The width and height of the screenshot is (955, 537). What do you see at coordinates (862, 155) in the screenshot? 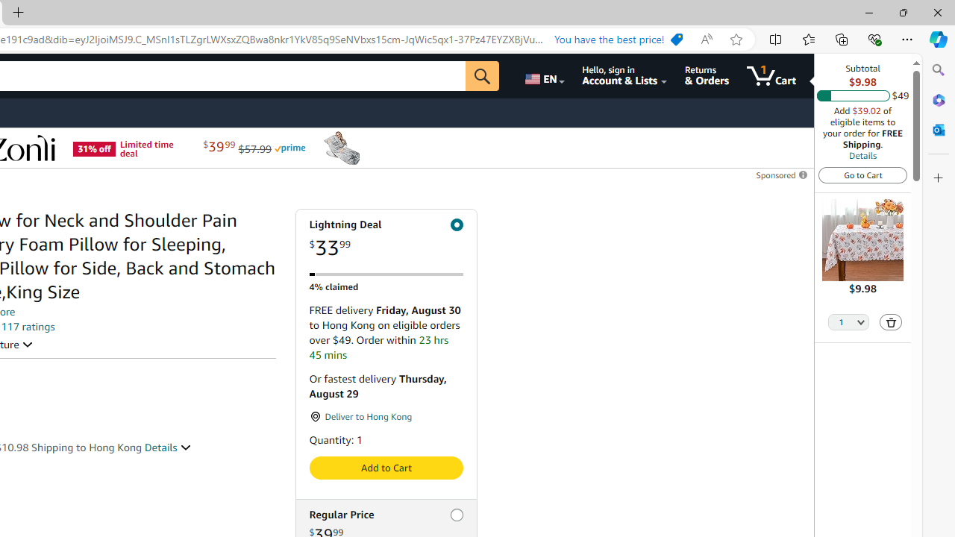
I see `'Details'` at bounding box center [862, 155].